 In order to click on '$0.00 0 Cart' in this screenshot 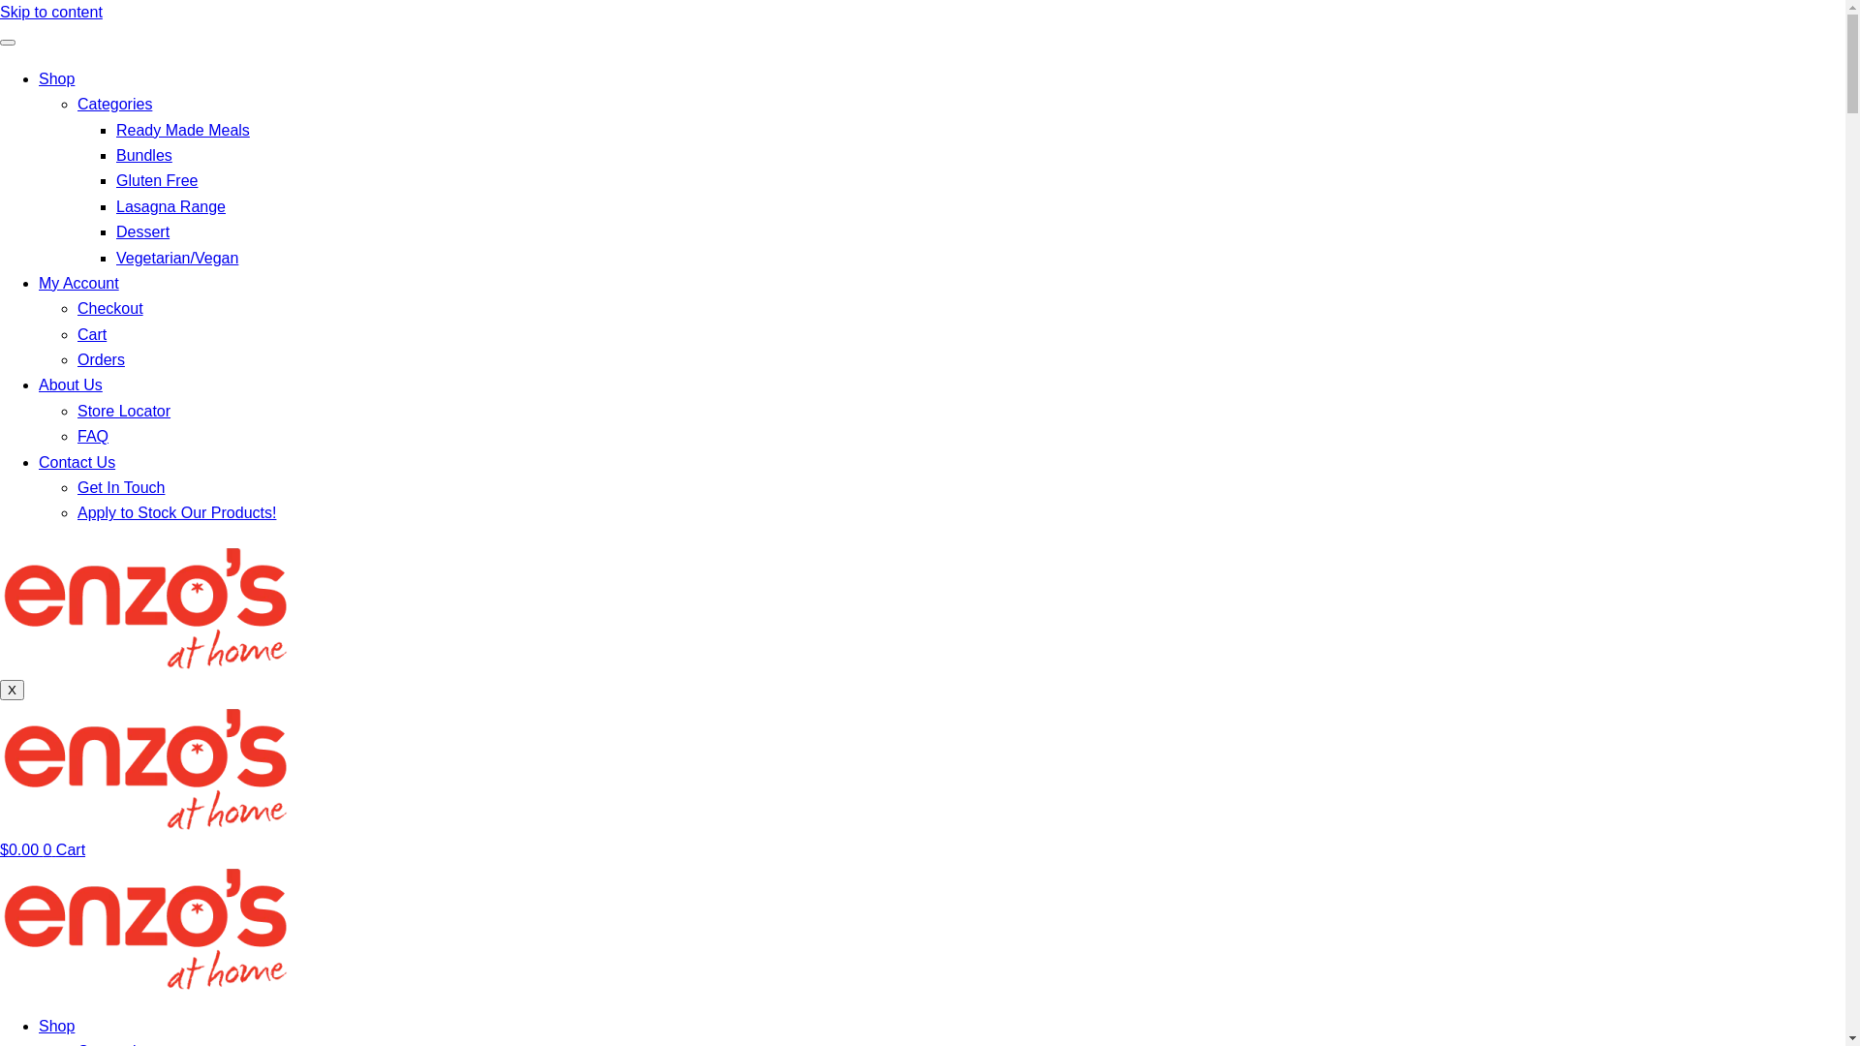, I will do `click(0, 848)`.